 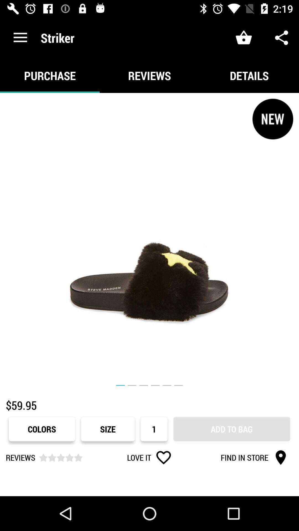 I want to click on icon above $59.95 item, so click(x=149, y=242).